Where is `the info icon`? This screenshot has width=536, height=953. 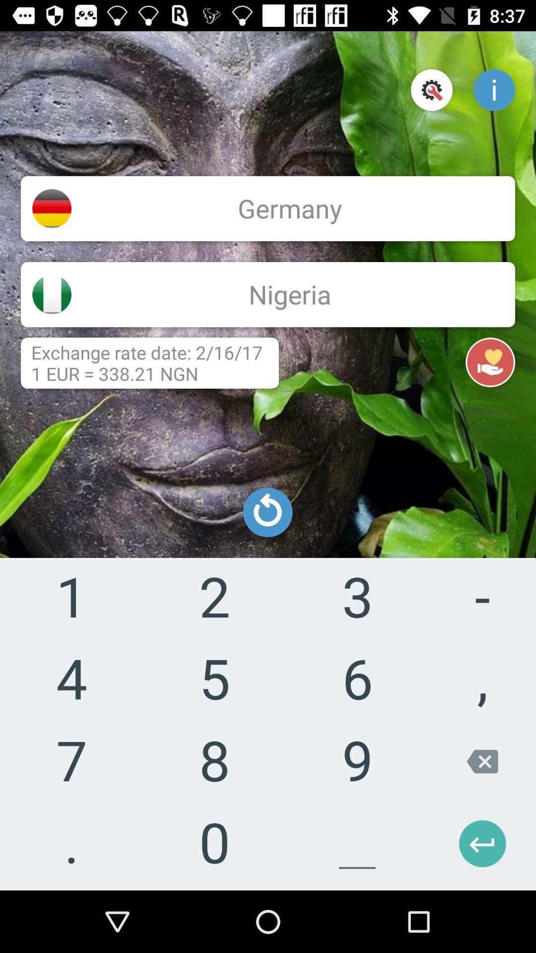 the info icon is located at coordinates (494, 90).